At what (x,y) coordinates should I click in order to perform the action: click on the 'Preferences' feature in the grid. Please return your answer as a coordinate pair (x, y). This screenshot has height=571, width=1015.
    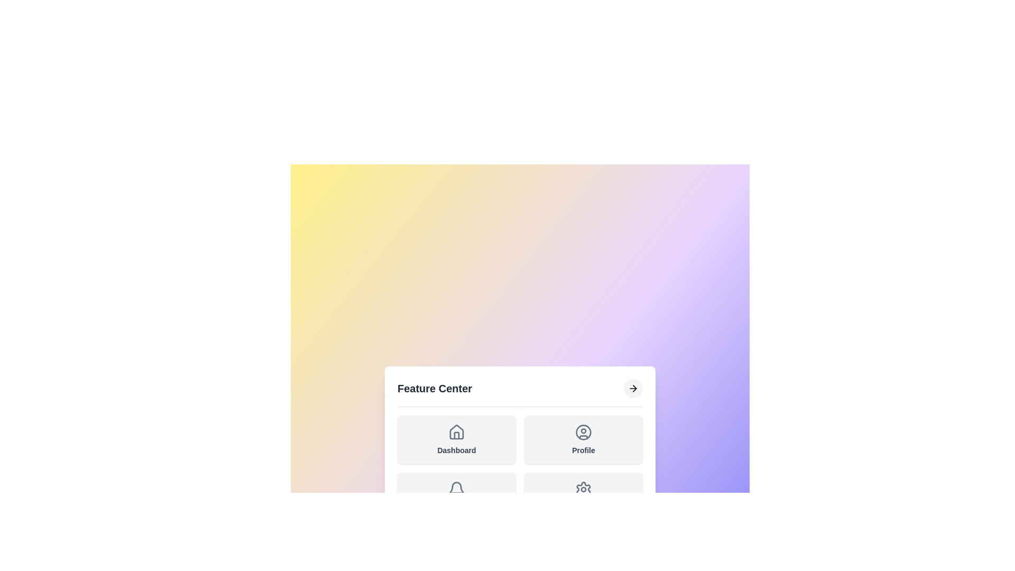
    Looking at the image, I should click on (583, 496).